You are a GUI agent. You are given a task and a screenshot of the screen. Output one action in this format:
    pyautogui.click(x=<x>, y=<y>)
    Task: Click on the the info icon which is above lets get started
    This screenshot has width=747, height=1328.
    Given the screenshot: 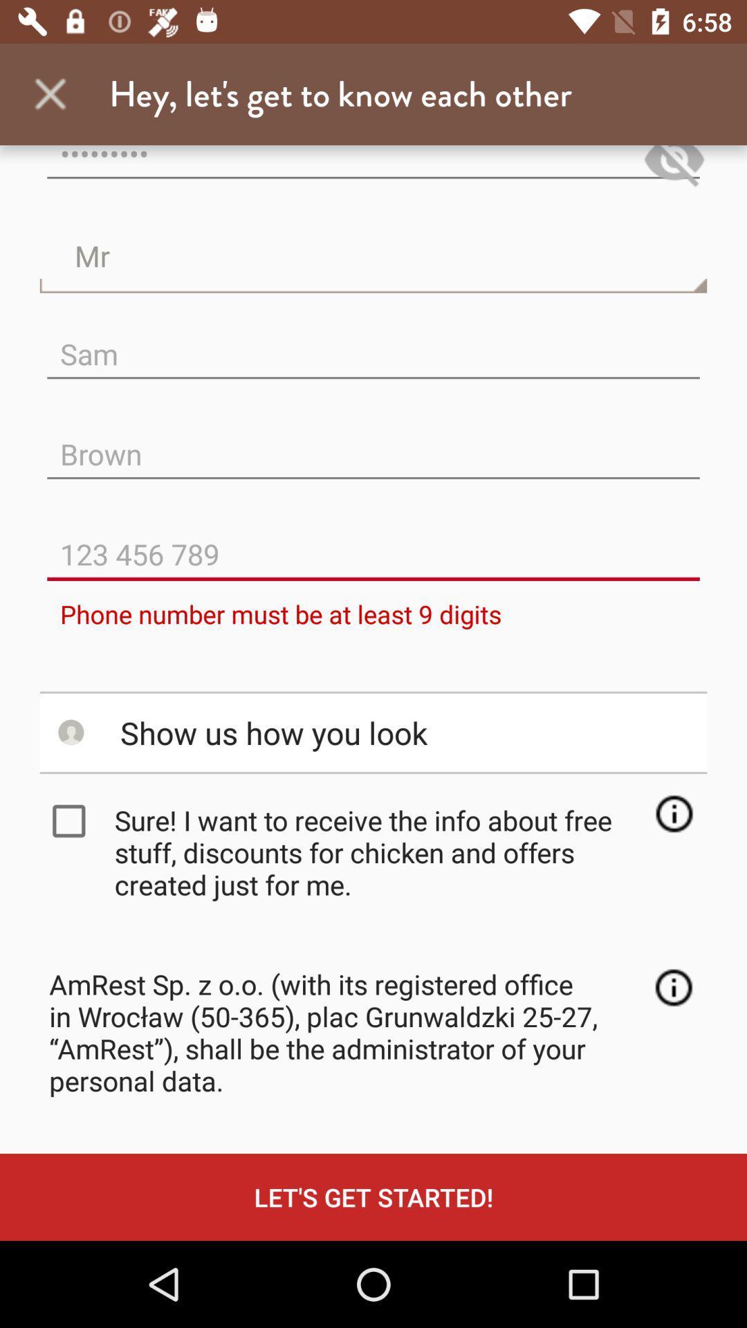 What is the action you would take?
    pyautogui.click(x=673, y=987)
    